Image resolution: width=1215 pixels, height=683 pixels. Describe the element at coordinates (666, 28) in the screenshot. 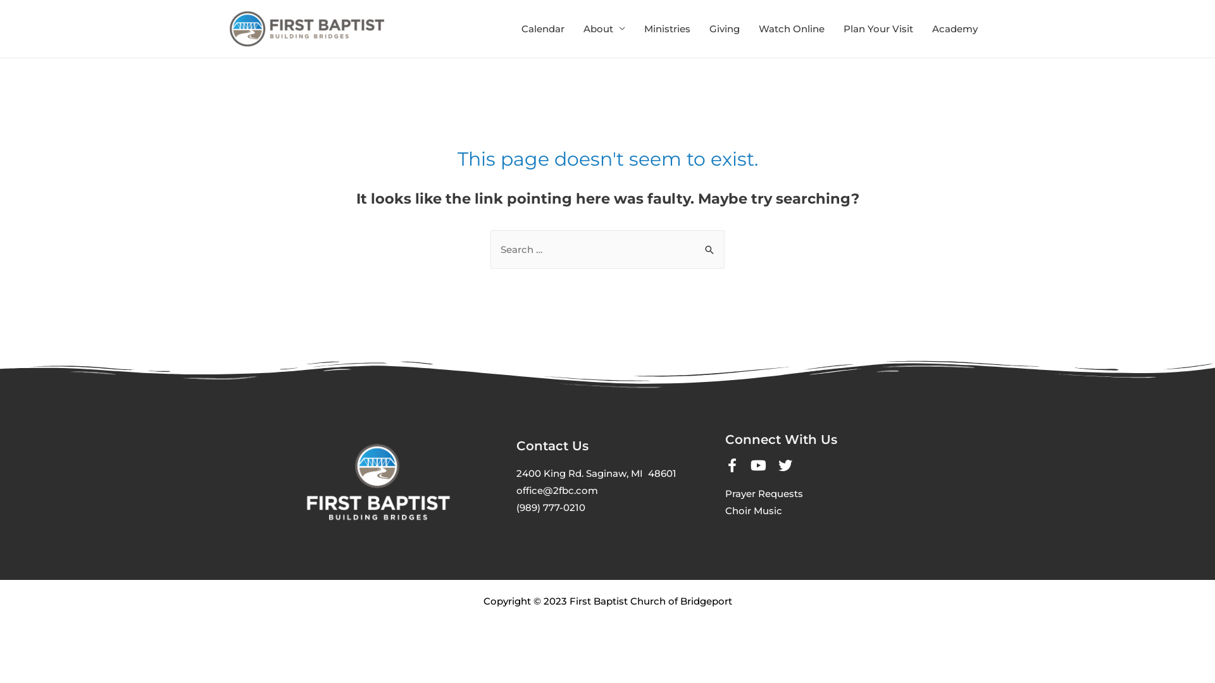

I see `'Ministries'` at that location.